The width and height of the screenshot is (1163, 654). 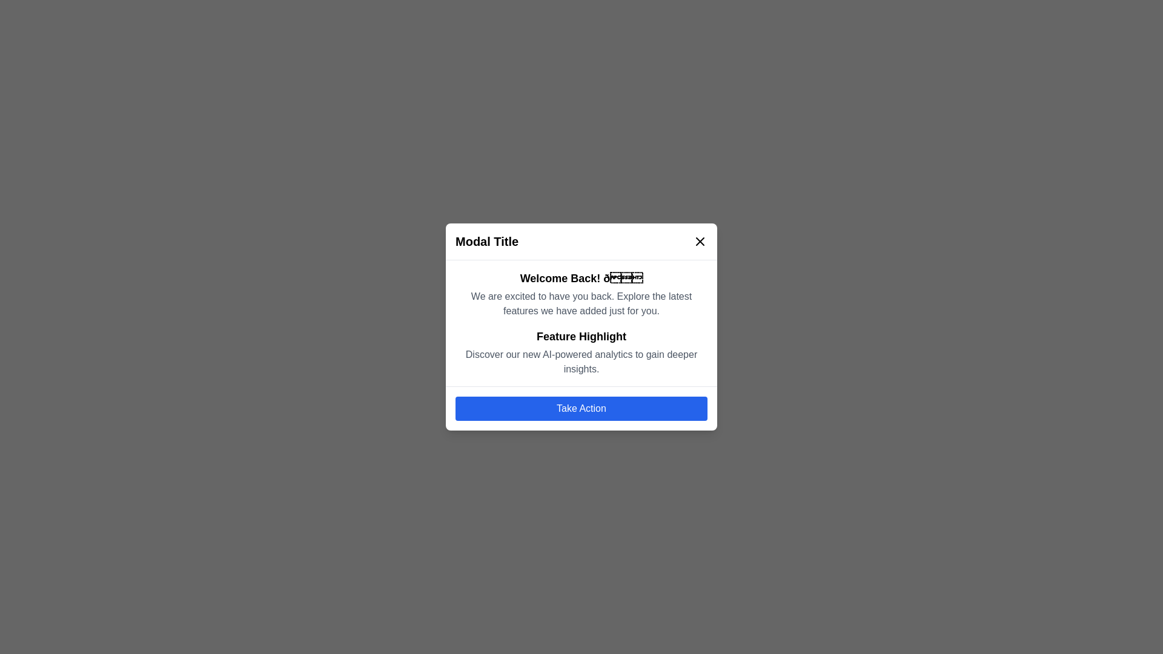 What do you see at coordinates (581, 408) in the screenshot?
I see `the button at the bottom of the modal dialogue box` at bounding box center [581, 408].